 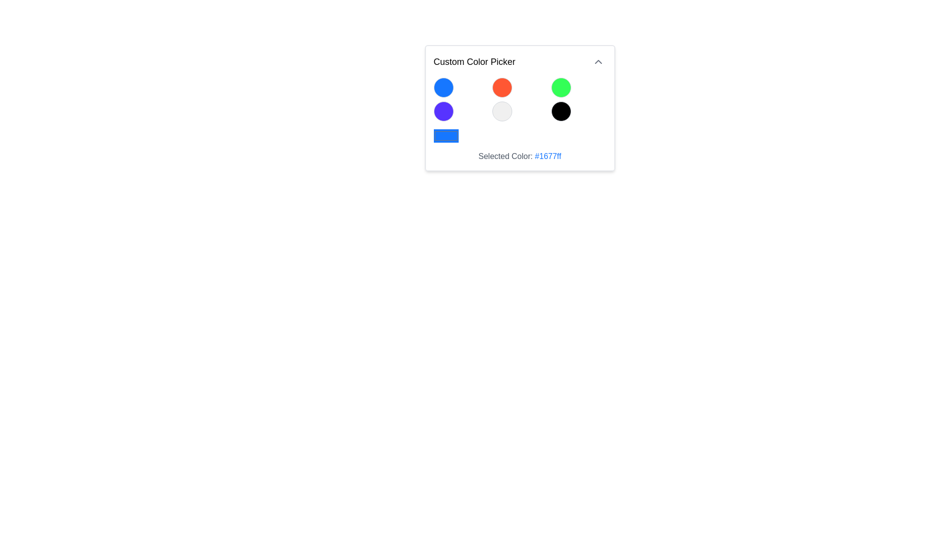 I want to click on the third button in the second row of the color selection grid labeled 'Custom Color Picker', so click(x=561, y=111).